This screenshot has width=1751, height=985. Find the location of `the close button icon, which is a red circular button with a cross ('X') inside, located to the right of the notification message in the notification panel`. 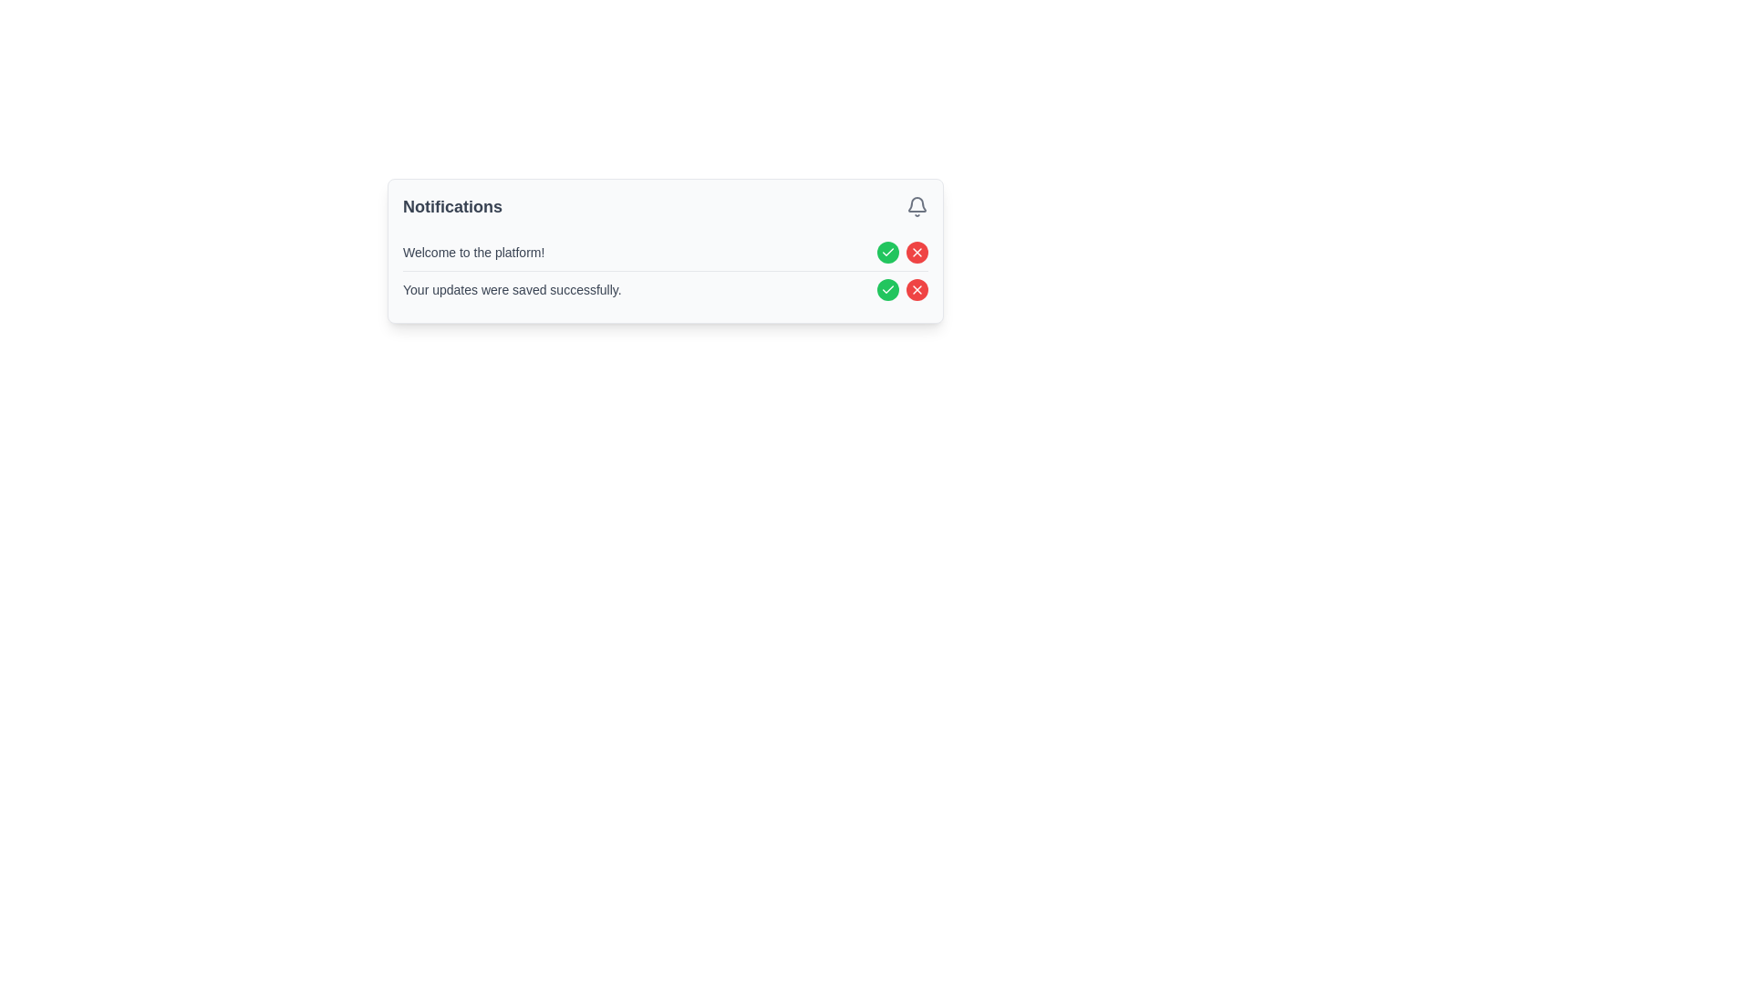

the close button icon, which is a red circular button with a cross ('X') inside, located to the right of the notification message in the notification panel is located at coordinates (917, 288).